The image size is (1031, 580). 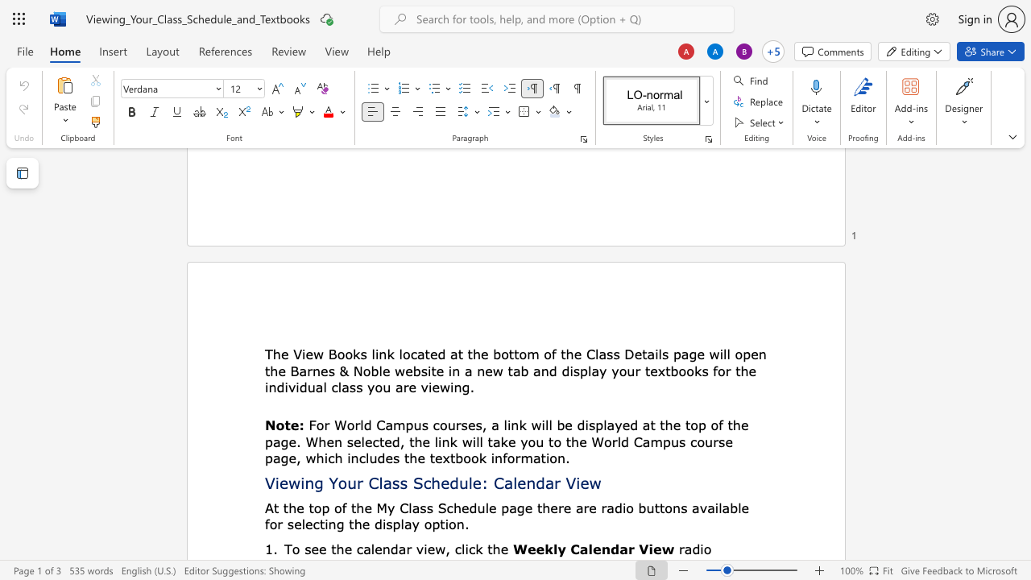 What do you see at coordinates (619, 548) in the screenshot?
I see `the space between the continuous character "d" and "a" in the text` at bounding box center [619, 548].